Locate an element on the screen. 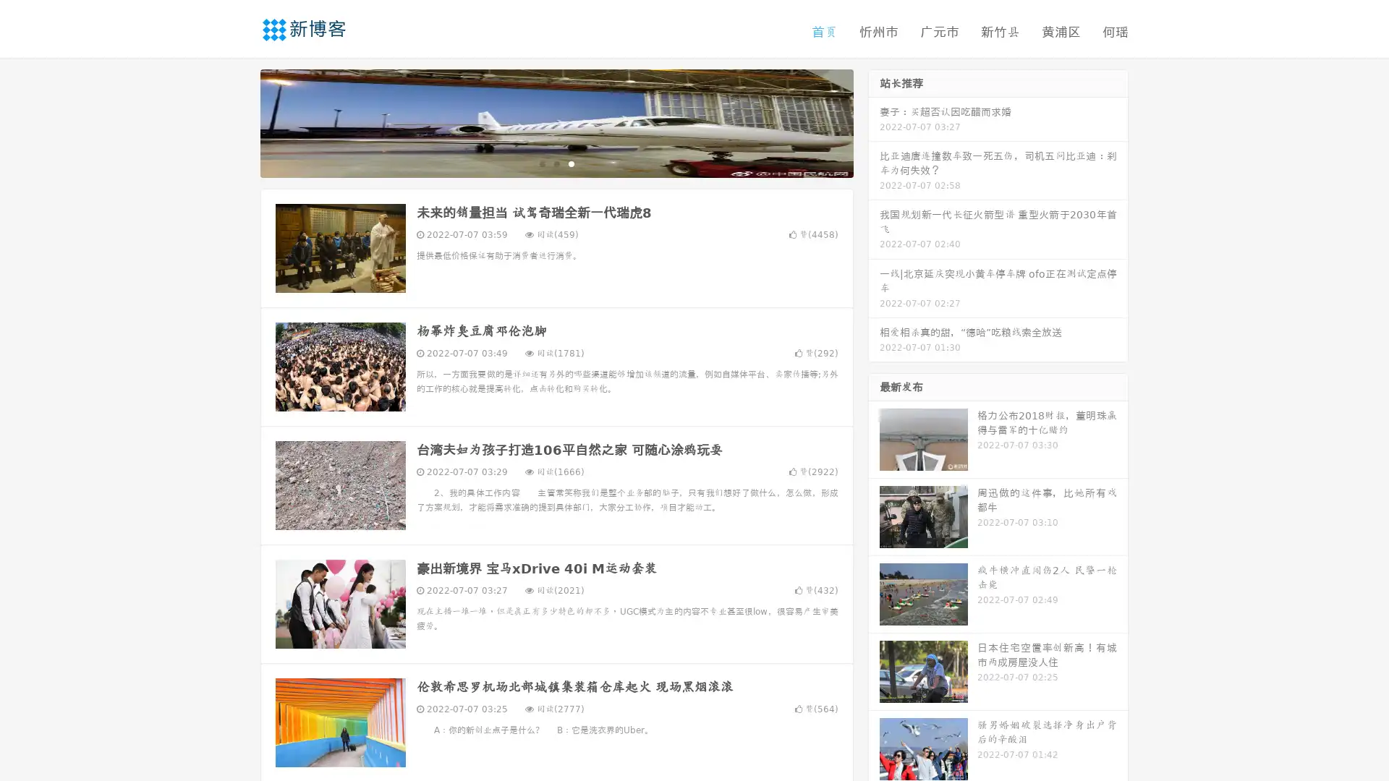  Go to slide 3 is located at coordinates (571, 163).